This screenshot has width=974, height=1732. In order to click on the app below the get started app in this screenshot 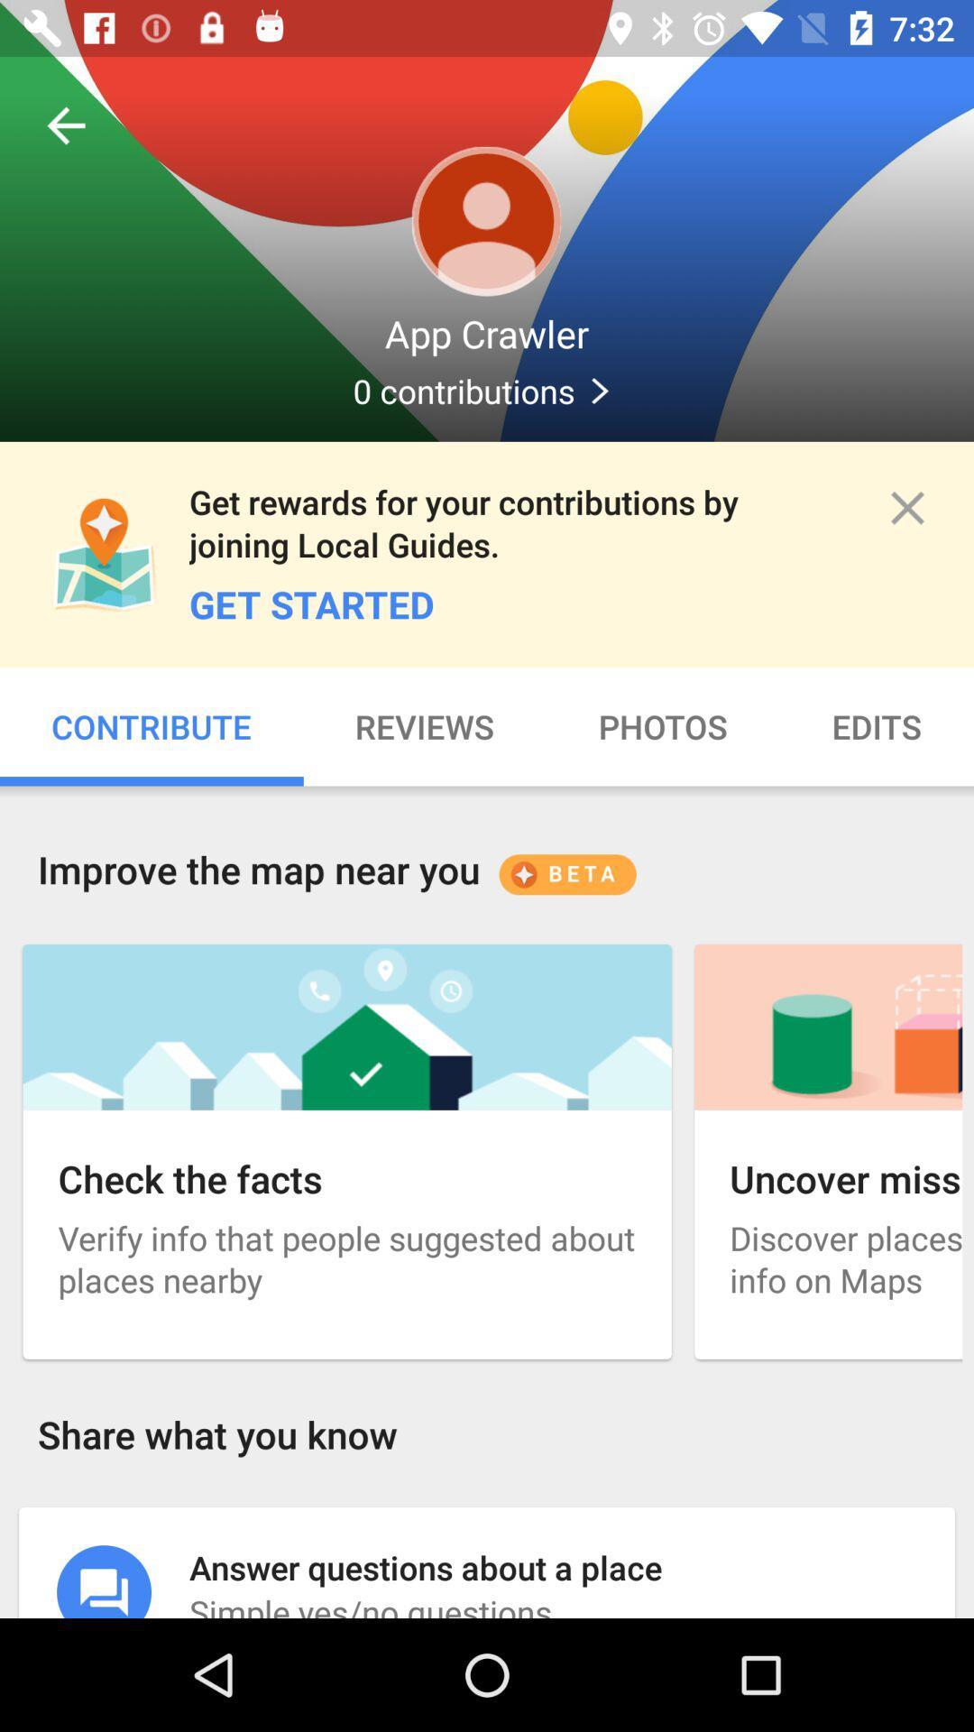, I will do `click(425, 726)`.